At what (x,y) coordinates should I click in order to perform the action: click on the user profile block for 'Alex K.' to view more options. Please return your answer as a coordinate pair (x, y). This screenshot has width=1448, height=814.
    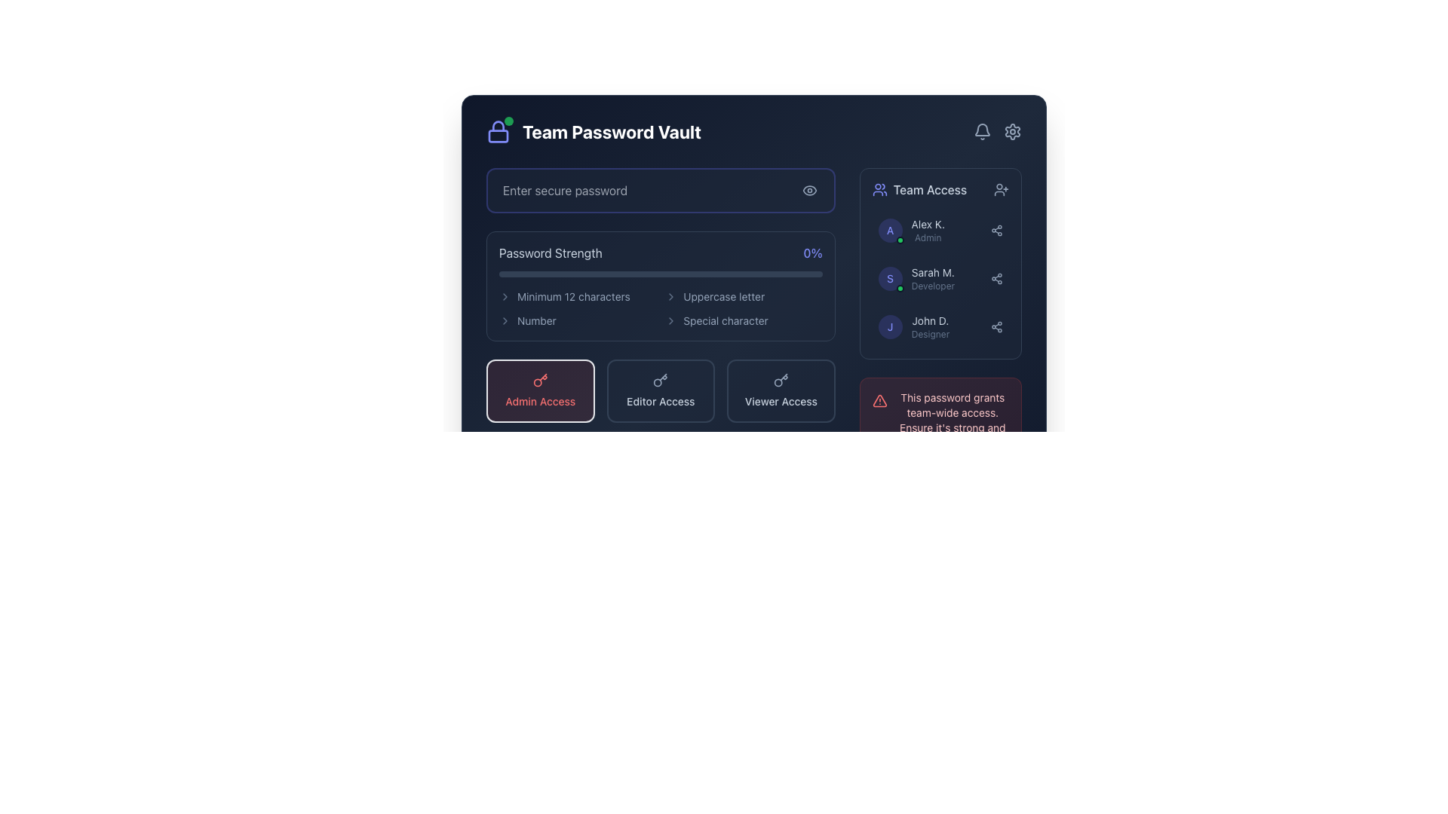
    Looking at the image, I should click on (940, 230).